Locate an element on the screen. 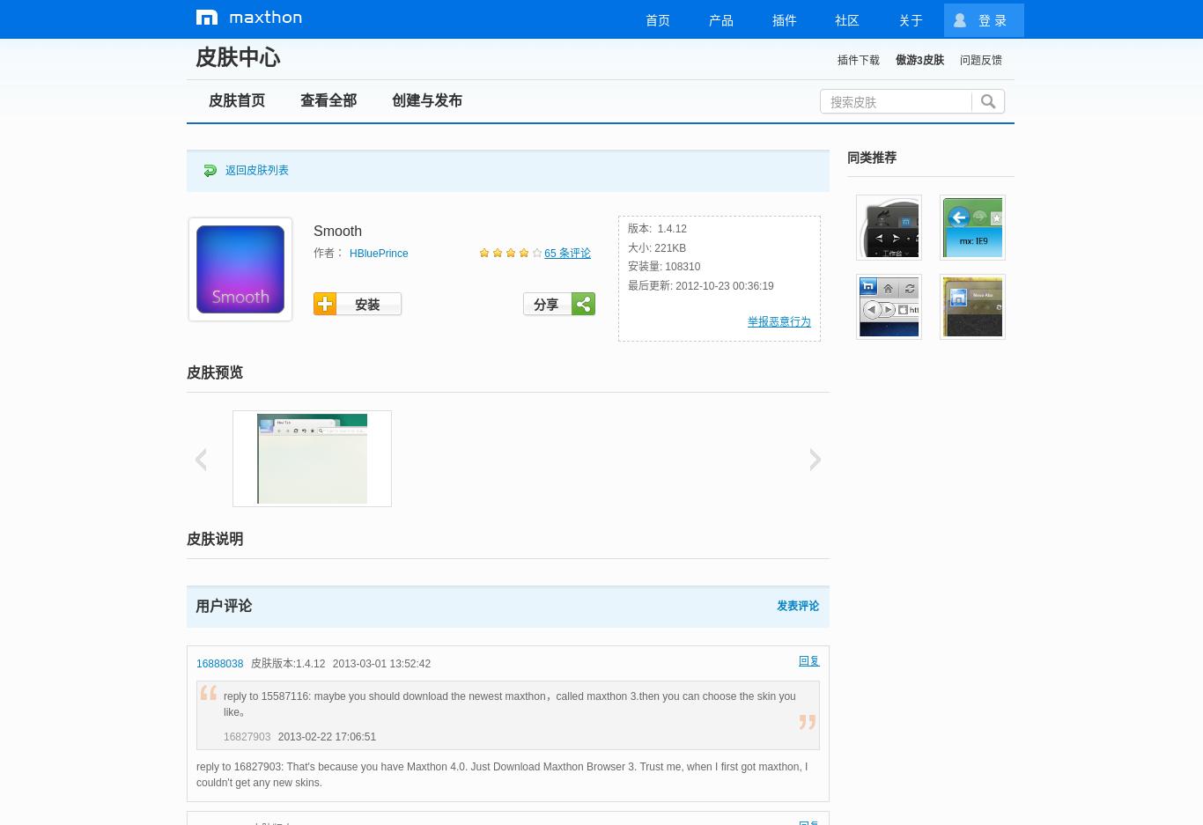 The height and width of the screenshot is (825, 1203). '16888038' is located at coordinates (219, 661).